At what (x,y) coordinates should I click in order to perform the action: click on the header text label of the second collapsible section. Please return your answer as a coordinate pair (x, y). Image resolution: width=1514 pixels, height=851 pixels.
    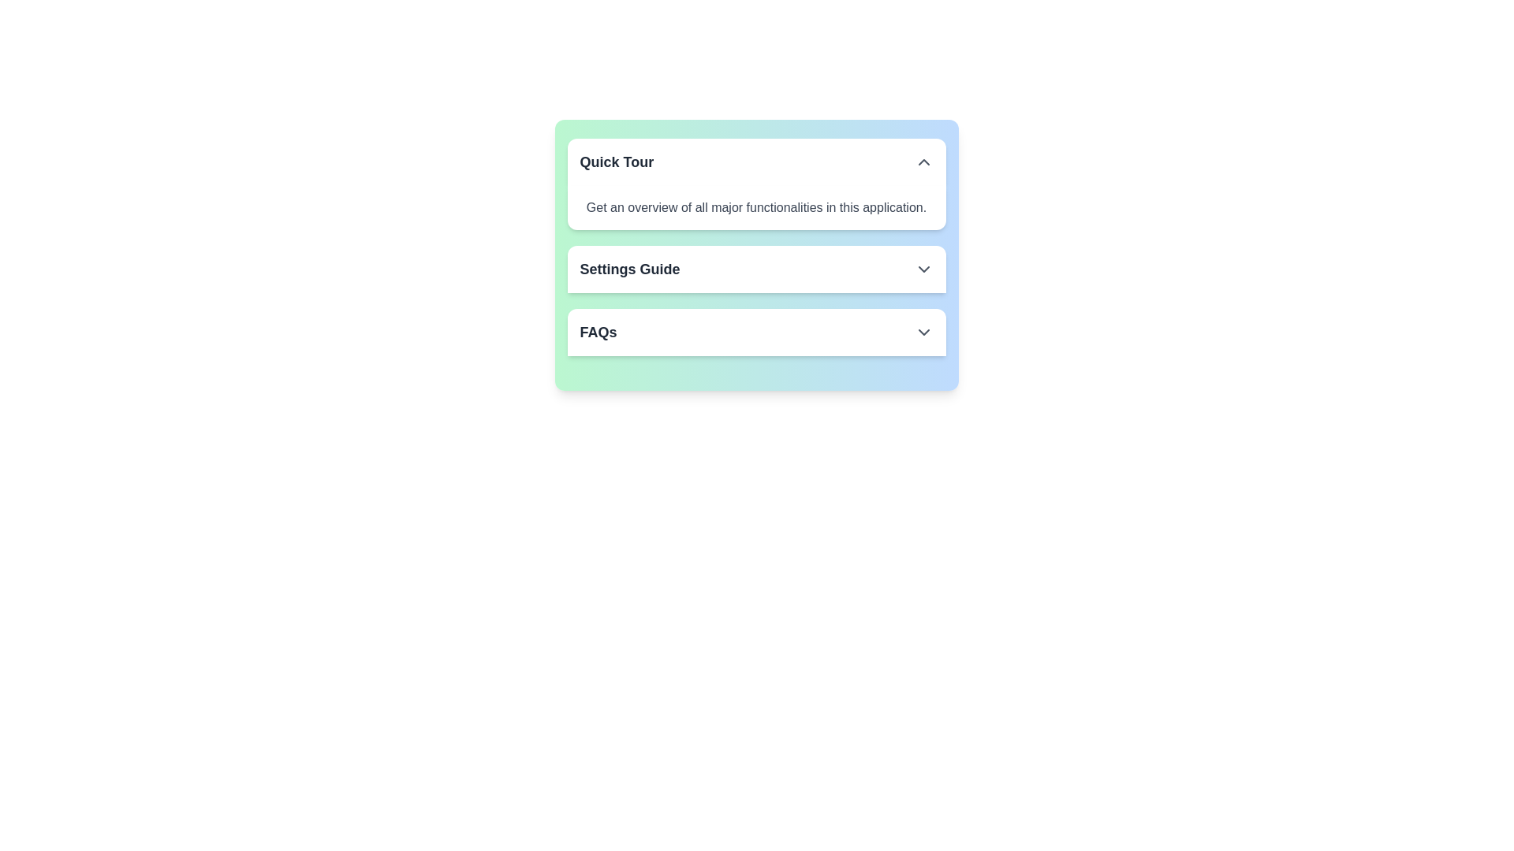
    Looking at the image, I should click on (629, 269).